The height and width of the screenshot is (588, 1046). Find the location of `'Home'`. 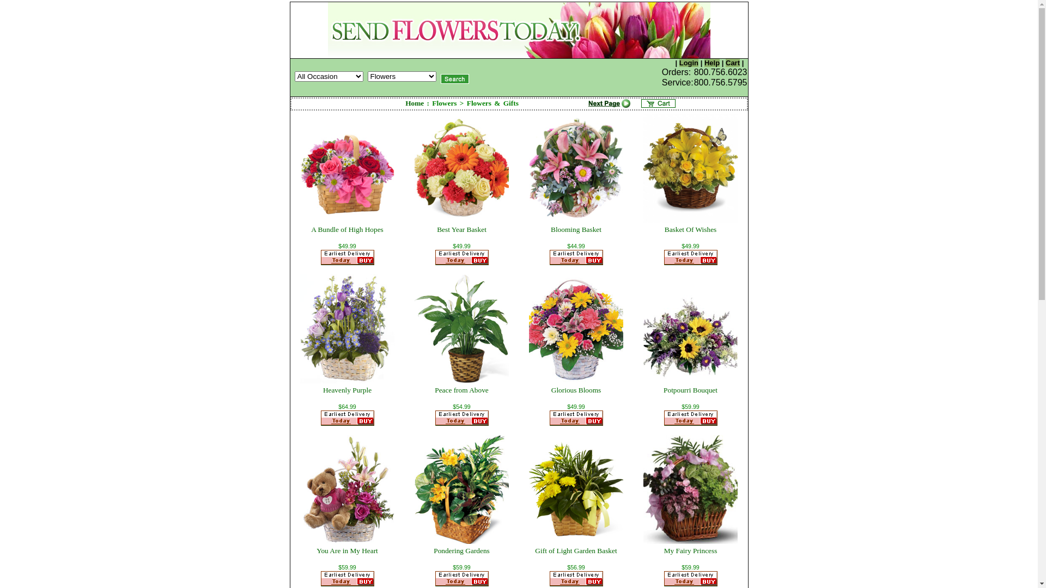

'Home' is located at coordinates (414, 103).